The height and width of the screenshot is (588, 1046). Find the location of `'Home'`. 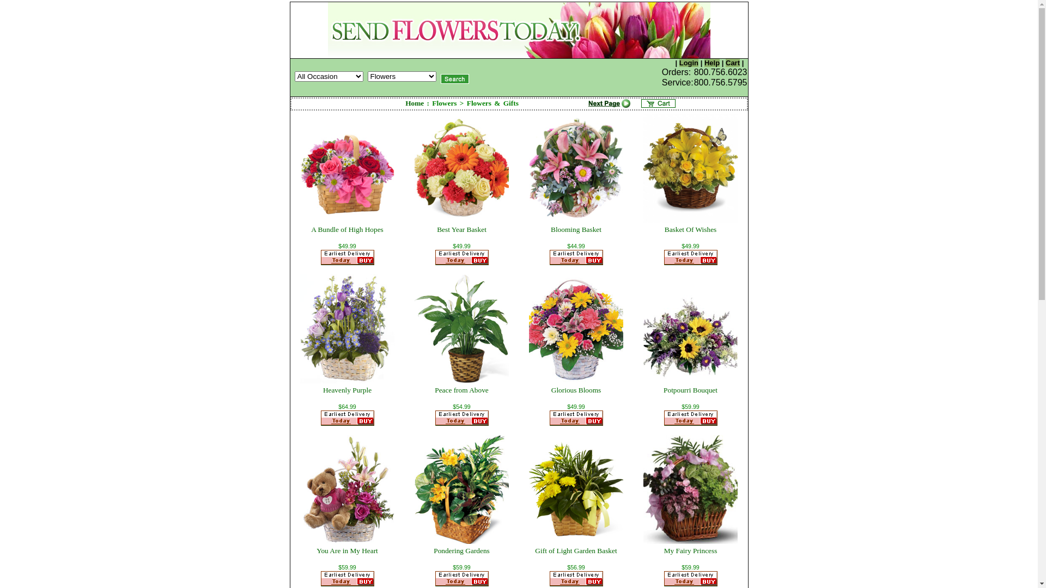

'Home' is located at coordinates (414, 103).